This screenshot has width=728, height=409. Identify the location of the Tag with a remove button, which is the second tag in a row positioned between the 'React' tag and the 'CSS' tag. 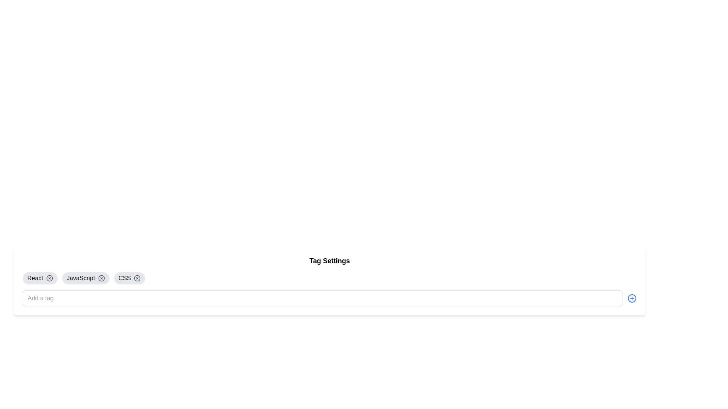
(86, 278).